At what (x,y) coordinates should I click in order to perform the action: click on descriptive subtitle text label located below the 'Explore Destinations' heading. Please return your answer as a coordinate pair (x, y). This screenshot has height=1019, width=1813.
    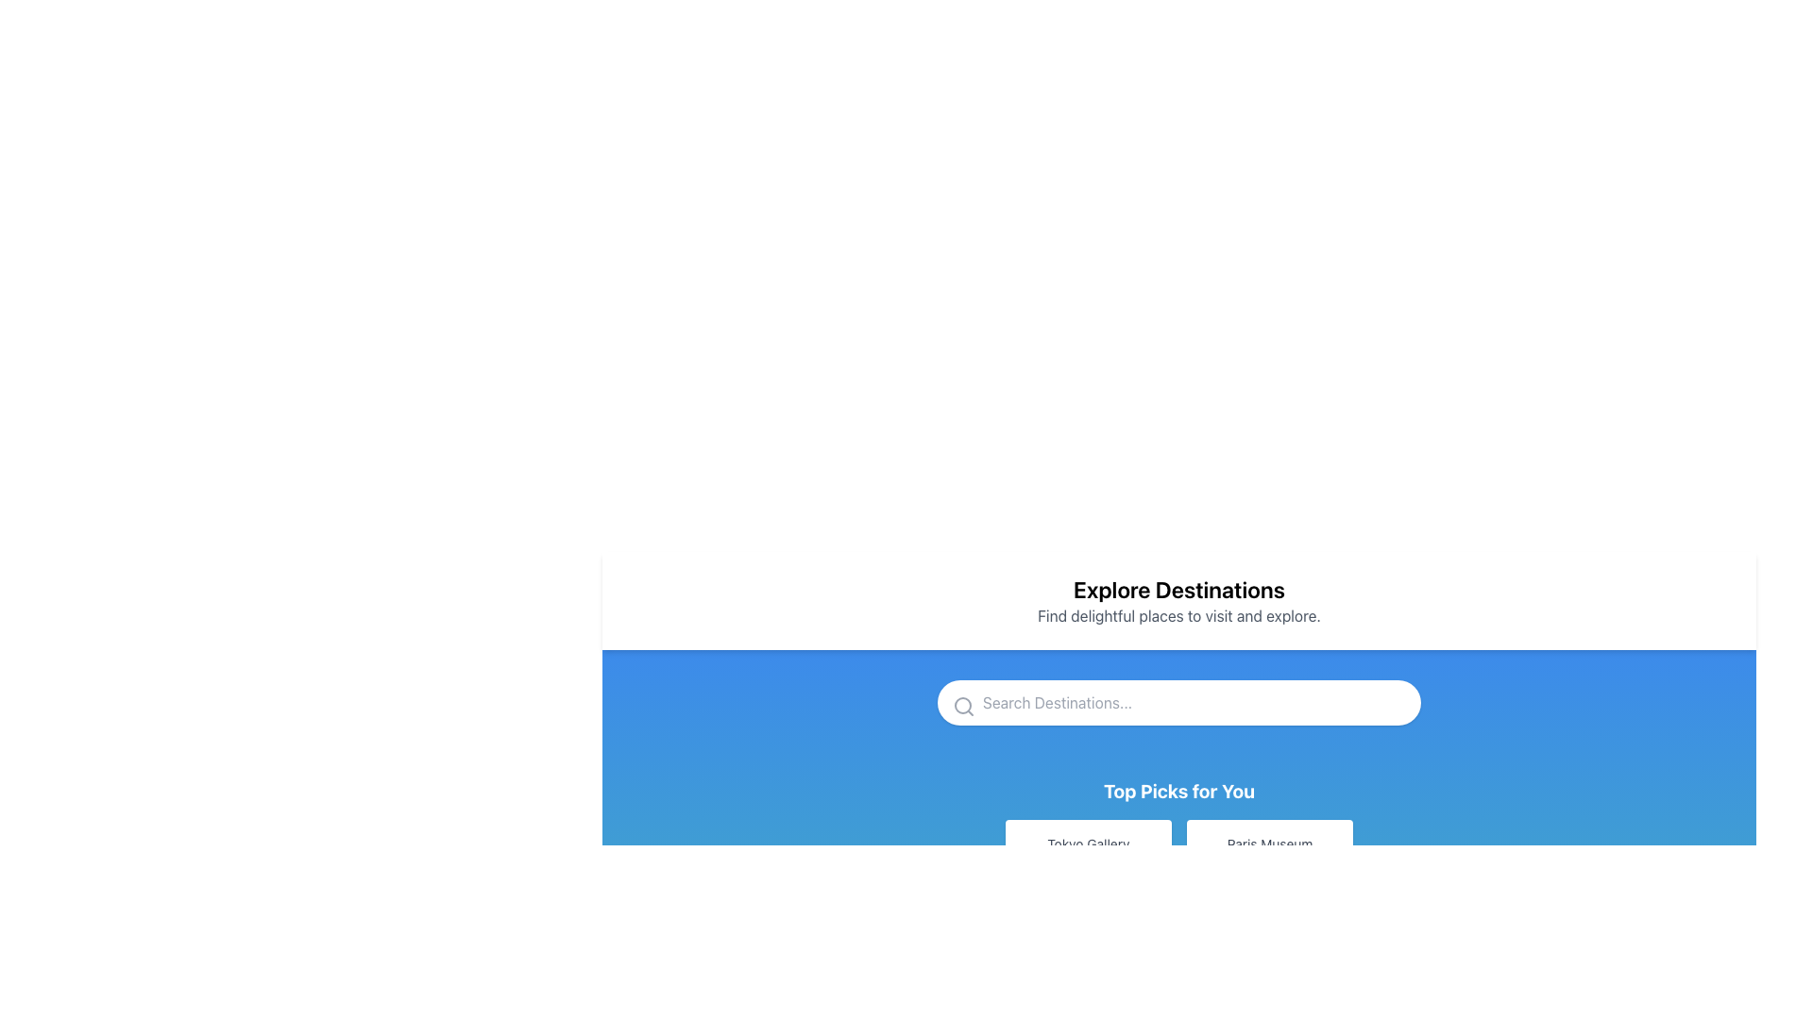
    Looking at the image, I should click on (1178, 615).